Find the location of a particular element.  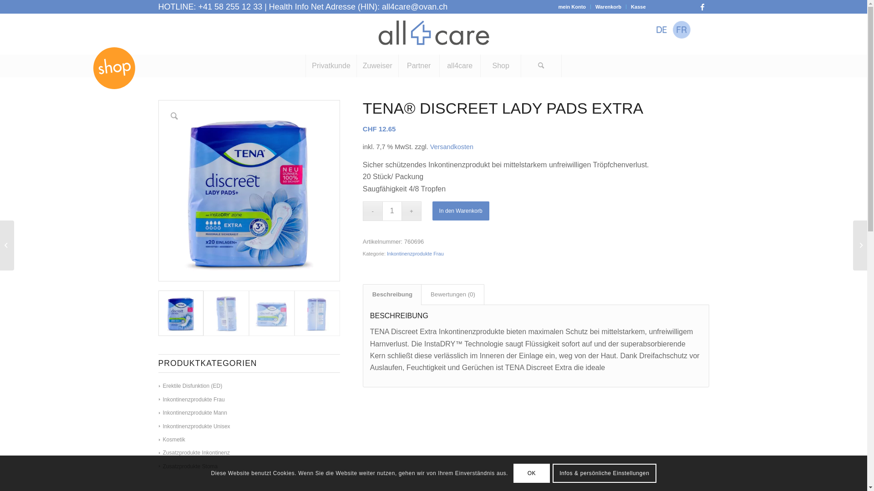

'Facebook' is located at coordinates (701, 7).